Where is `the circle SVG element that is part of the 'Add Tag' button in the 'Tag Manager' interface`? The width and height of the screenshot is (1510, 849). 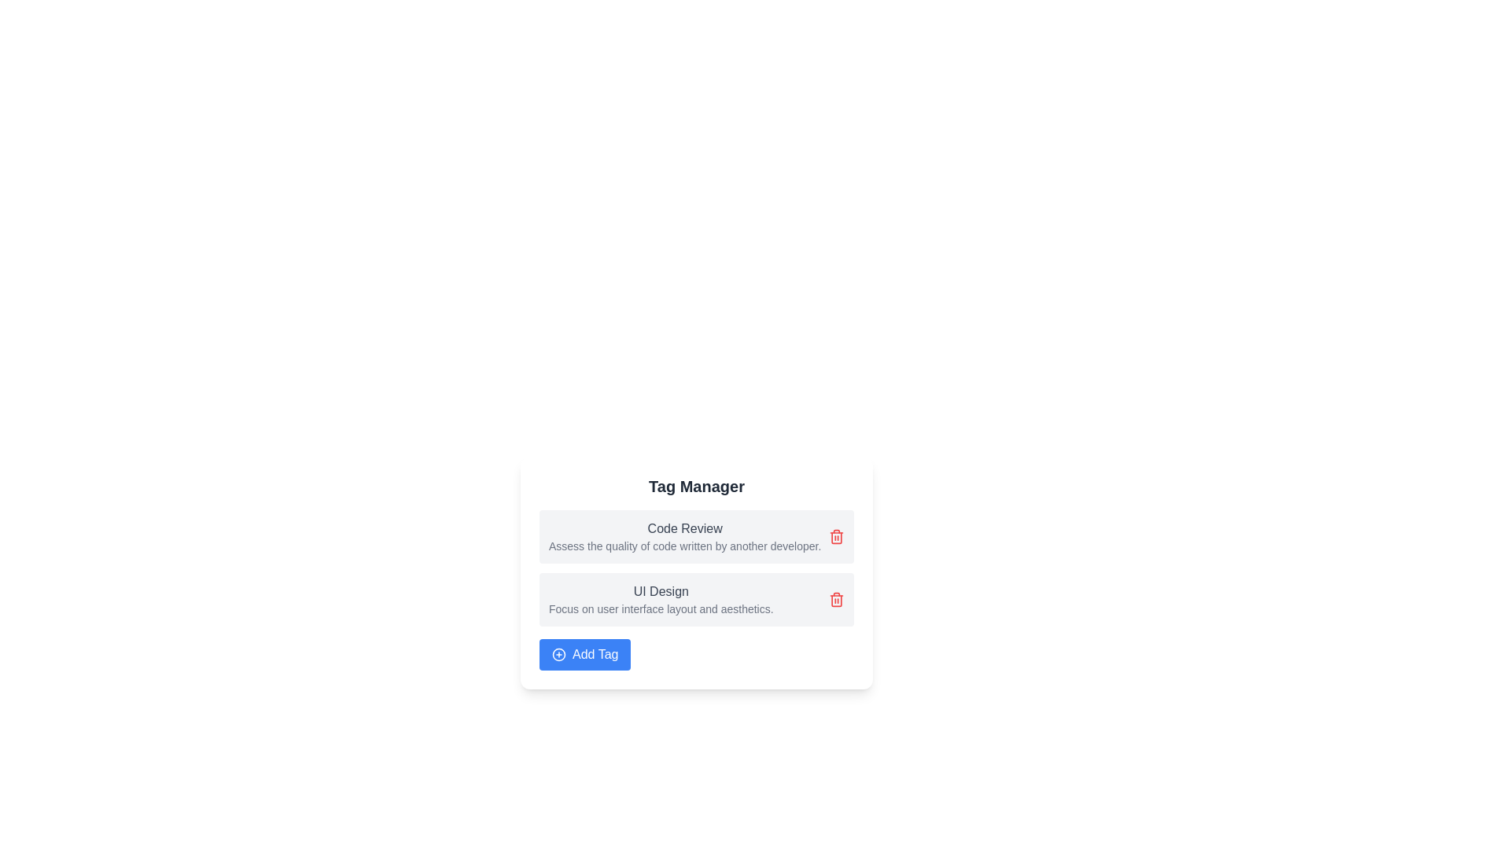
the circle SVG element that is part of the 'Add Tag' button in the 'Tag Manager' interface is located at coordinates (558, 655).